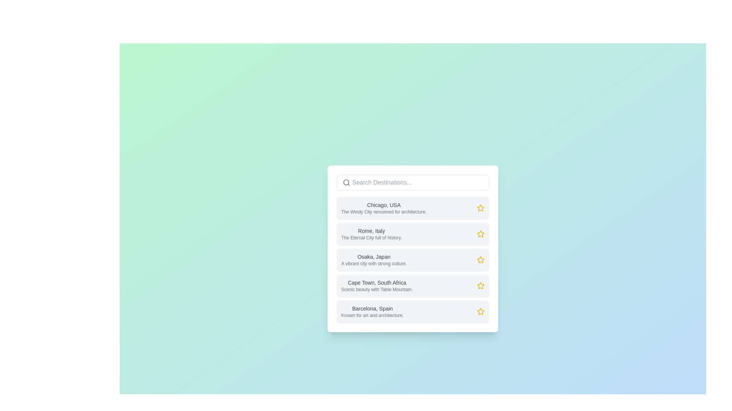  What do you see at coordinates (374, 257) in the screenshot?
I see `the title text label of the third destination entry, which is located above the subtitle 'A vibrant city with strong culture' and slightly to the left of the star icon button` at bounding box center [374, 257].